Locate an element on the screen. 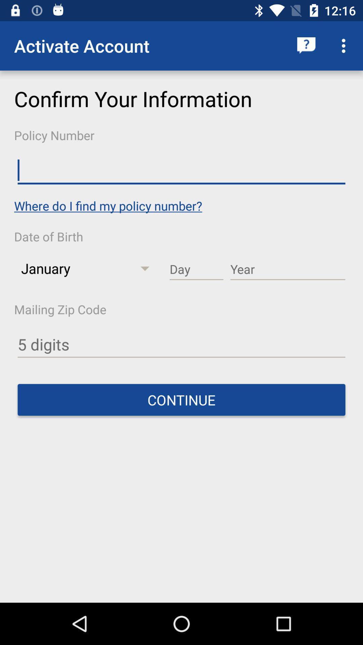 The height and width of the screenshot is (645, 363). type year is located at coordinates (287, 269).